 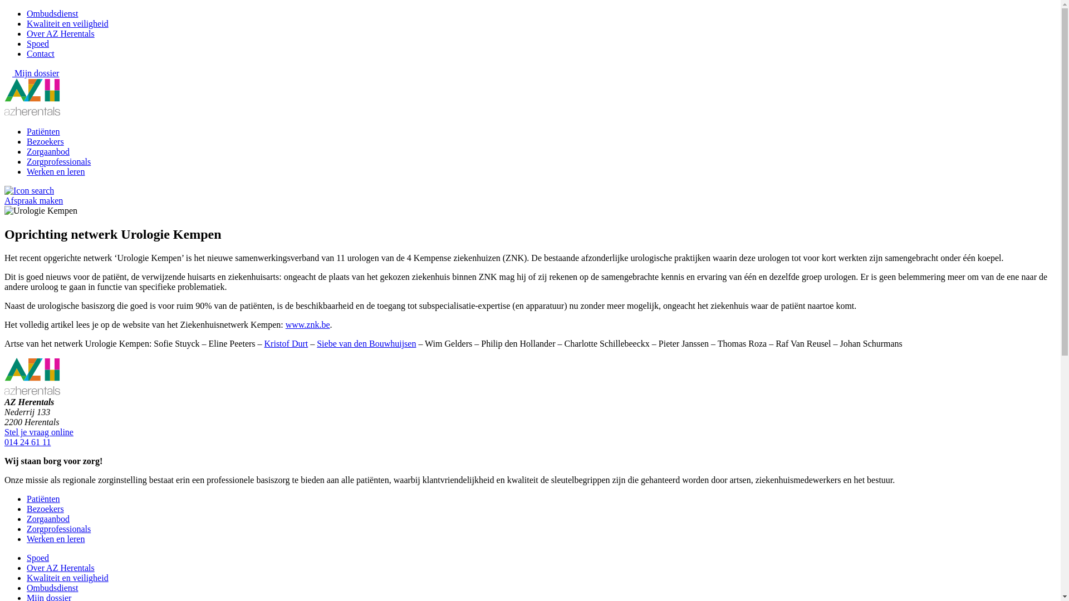 What do you see at coordinates (27, 441) in the screenshot?
I see `'014 24 61 11'` at bounding box center [27, 441].